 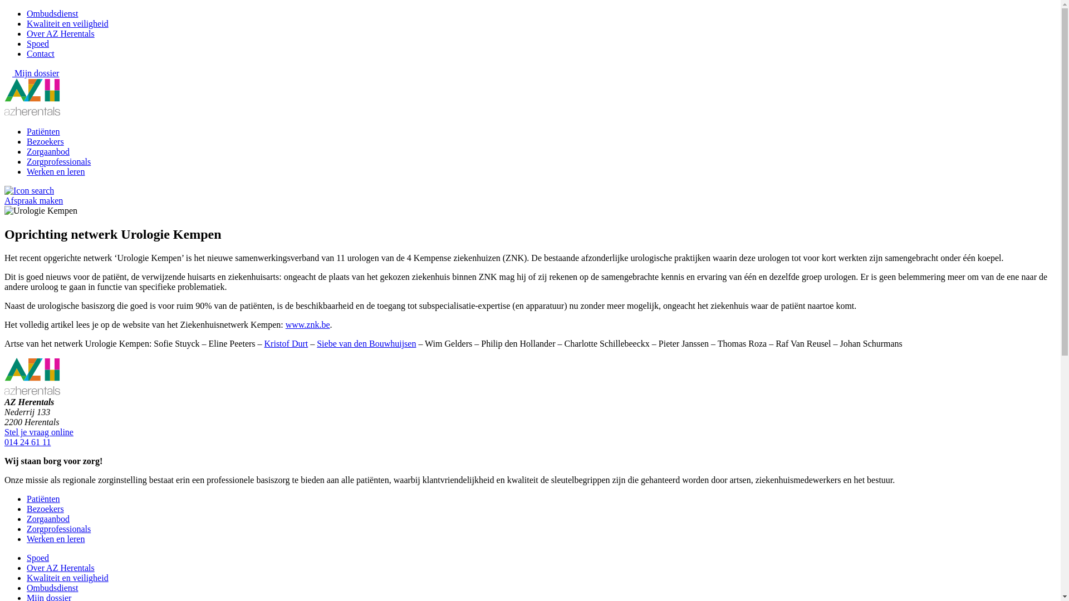 What do you see at coordinates (27, 441) in the screenshot?
I see `'014 24 61 11'` at bounding box center [27, 441].